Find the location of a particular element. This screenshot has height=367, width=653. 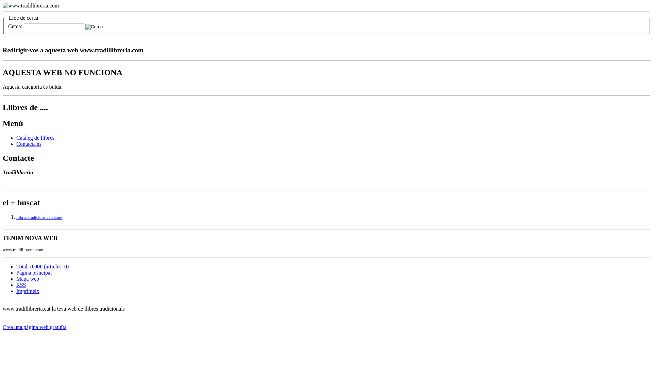

'Contacta'ns' is located at coordinates (29, 143).